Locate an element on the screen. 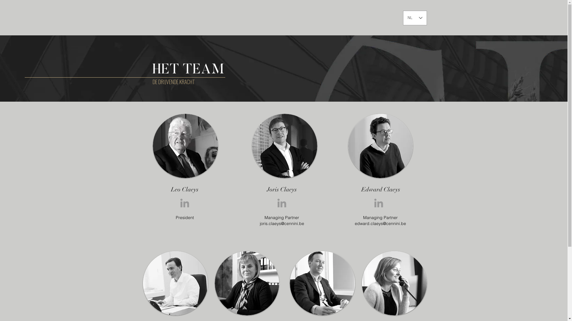 The height and width of the screenshot is (321, 572). 'HOME' is located at coordinates (286, 17).